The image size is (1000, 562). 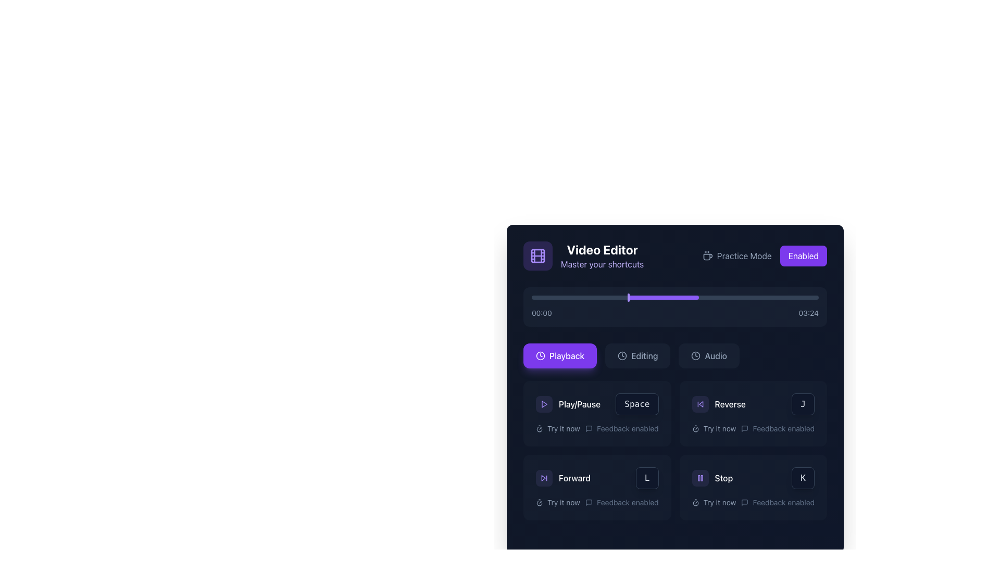 What do you see at coordinates (602, 256) in the screenshot?
I see `the text block displaying 'Video Editor' and 'Master your shortcuts', located in the top-left section of the interface panel` at bounding box center [602, 256].